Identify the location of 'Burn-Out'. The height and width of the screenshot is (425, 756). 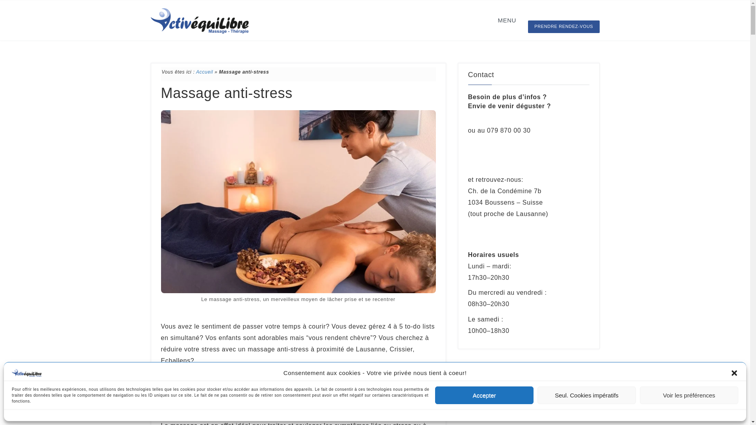
(388, 393).